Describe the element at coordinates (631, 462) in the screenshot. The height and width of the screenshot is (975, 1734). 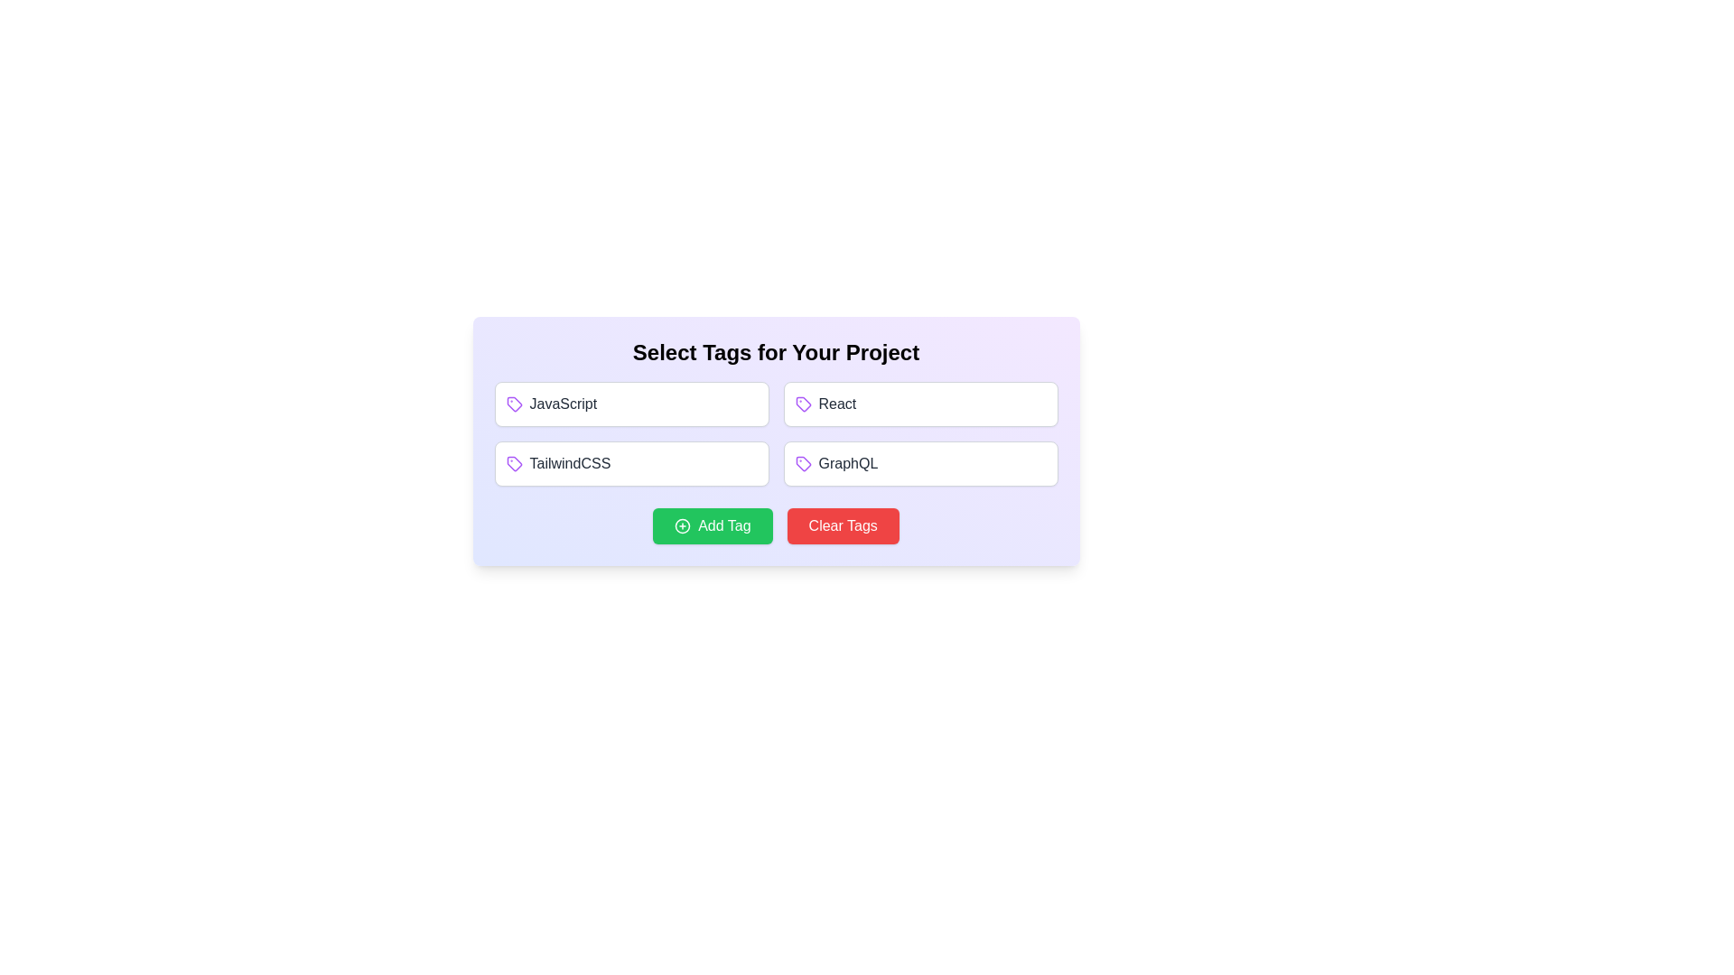
I see `the tag TailwindCSS to select it` at that location.